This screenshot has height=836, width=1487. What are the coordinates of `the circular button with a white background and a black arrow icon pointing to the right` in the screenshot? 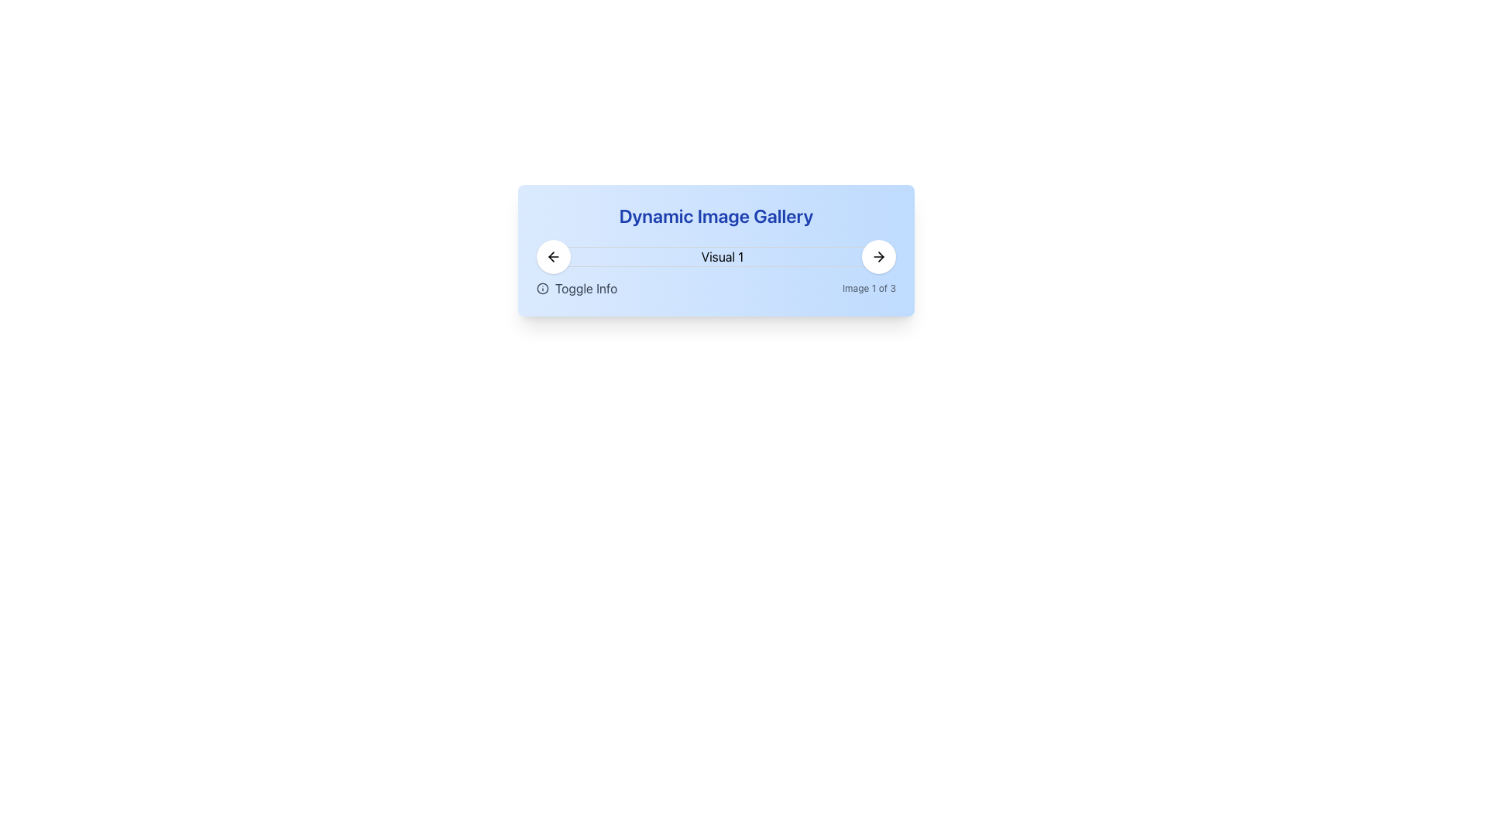 It's located at (878, 255).